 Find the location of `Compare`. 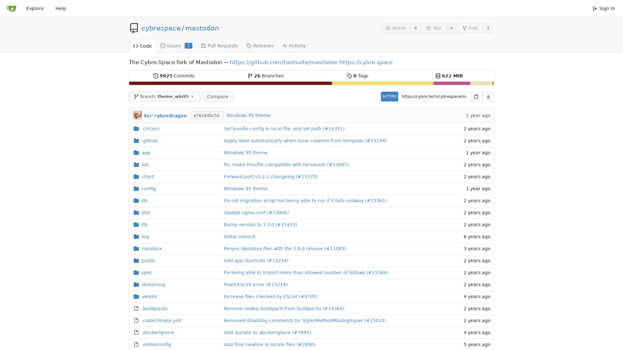

Compare is located at coordinates (217, 96).